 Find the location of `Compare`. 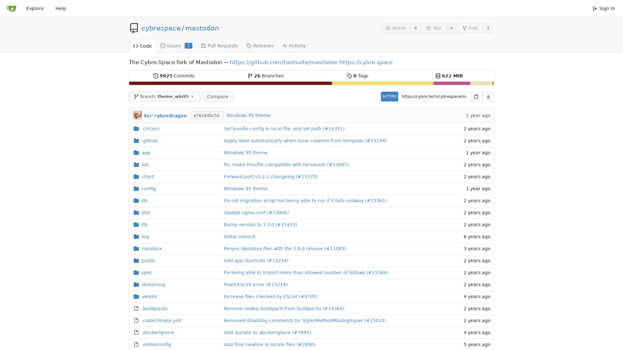

Compare is located at coordinates (217, 96).